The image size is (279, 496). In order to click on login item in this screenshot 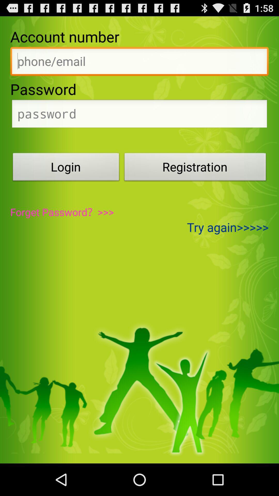, I will do `click(66, 168)`.